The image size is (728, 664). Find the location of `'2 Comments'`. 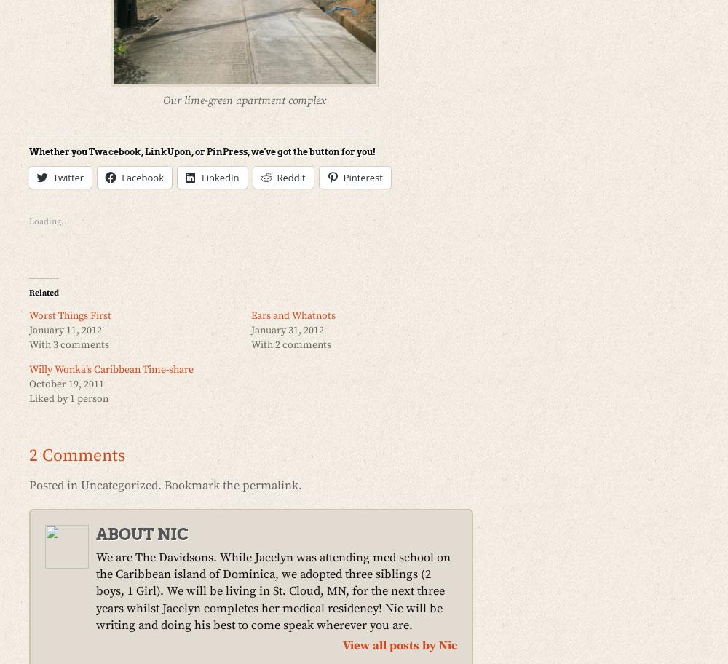

'2 Comments' is located at coordinates (76, 454).